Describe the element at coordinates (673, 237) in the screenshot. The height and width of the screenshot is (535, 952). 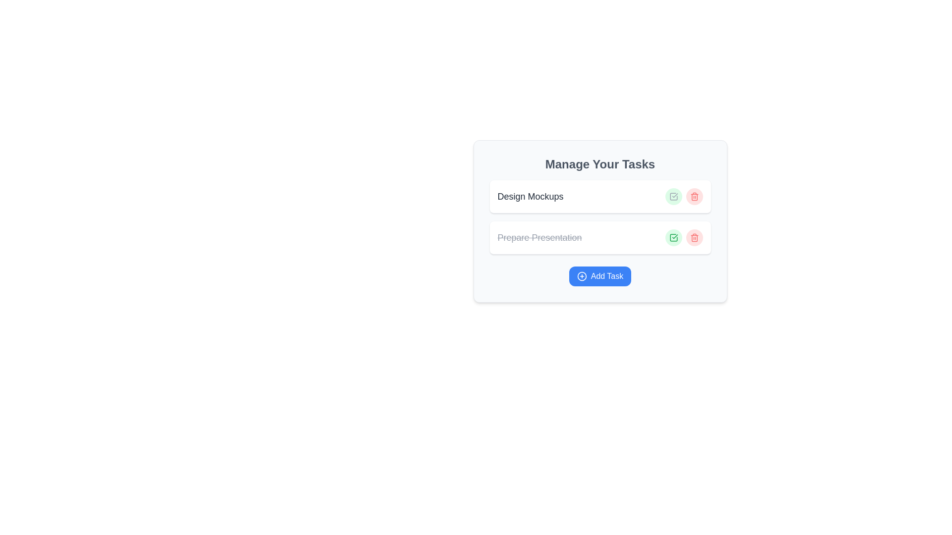
I see `the green check mark icon button to mark the associated task as complete, which is located beside the 'Prepare Presentation' text in the task list` at that location.